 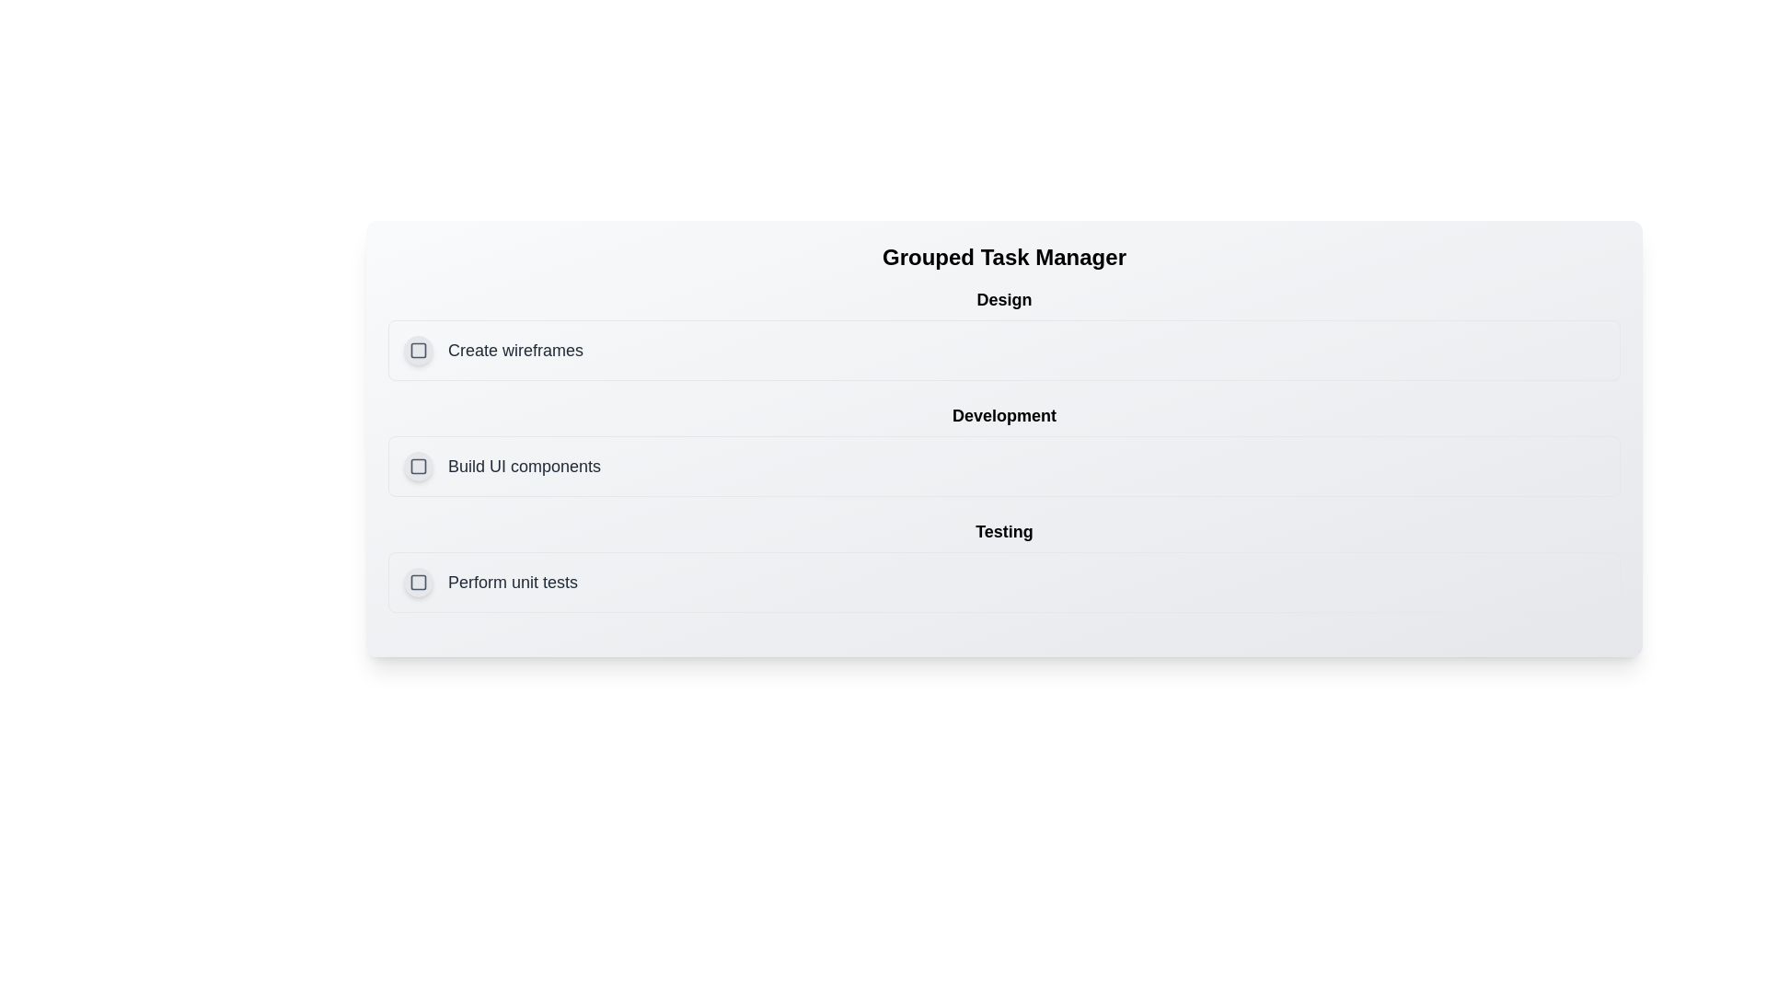 What do you see at coordinates (1003, 532) in the screenshot?
I see `text from the Header or Title Text element displaying 'Testing', which is styled in bold and larger font, located centrally above the explanatory text for the 'Perform unit tests' task` at bounding box center [1003, 532].